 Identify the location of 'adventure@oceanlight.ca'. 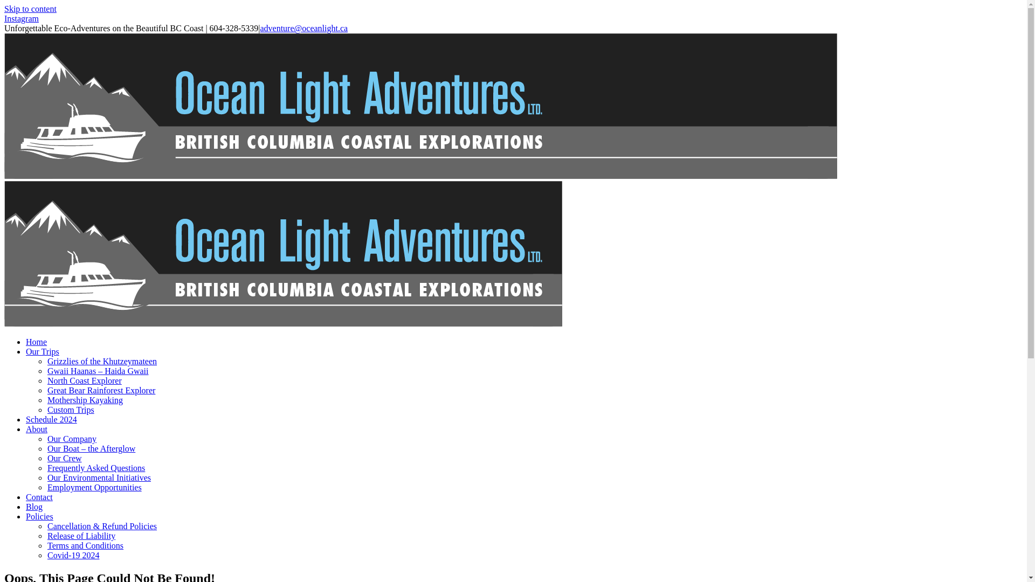
(259, 27).